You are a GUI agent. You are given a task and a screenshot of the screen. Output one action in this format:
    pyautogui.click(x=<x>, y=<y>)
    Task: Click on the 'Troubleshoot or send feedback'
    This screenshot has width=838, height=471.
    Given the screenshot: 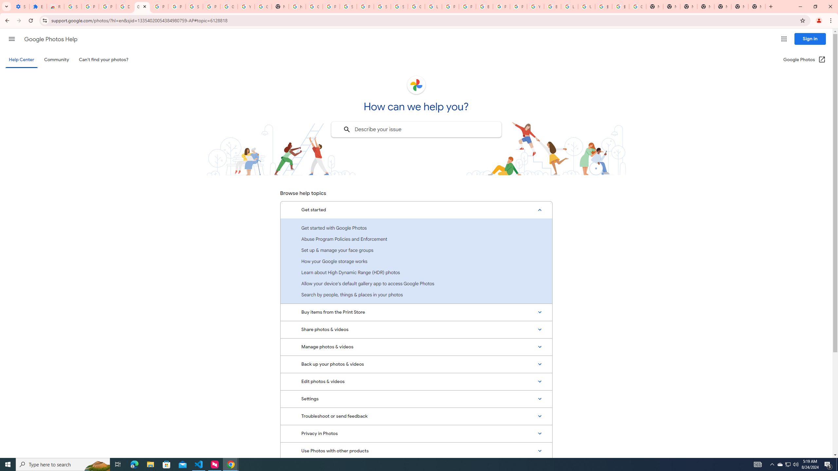 What is the action you would take?
    pyautogui.click(x=416, y=416)
    